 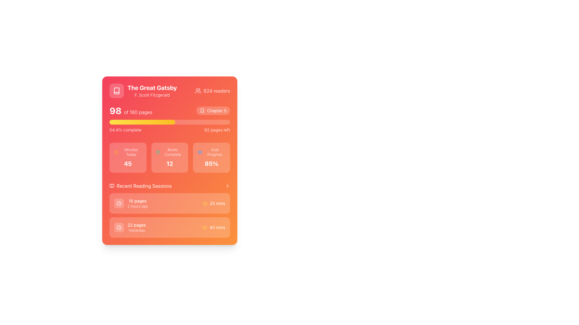 What do you see at coordinates (211, 163) in the screenshot?
I see `the information displayed in the bold text label showing '85%' in white on an orange background, located within the 'Goal Progress' panel in the lower-right section of the card` at bounding box center [211, 163].